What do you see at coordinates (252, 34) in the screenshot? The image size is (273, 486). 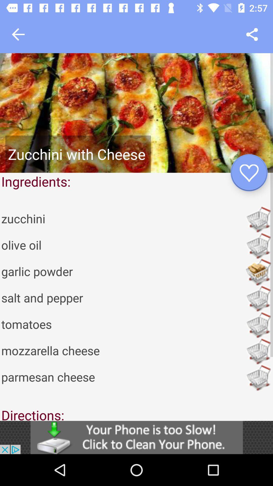 I see `share option` at bounding box center [252, 34].